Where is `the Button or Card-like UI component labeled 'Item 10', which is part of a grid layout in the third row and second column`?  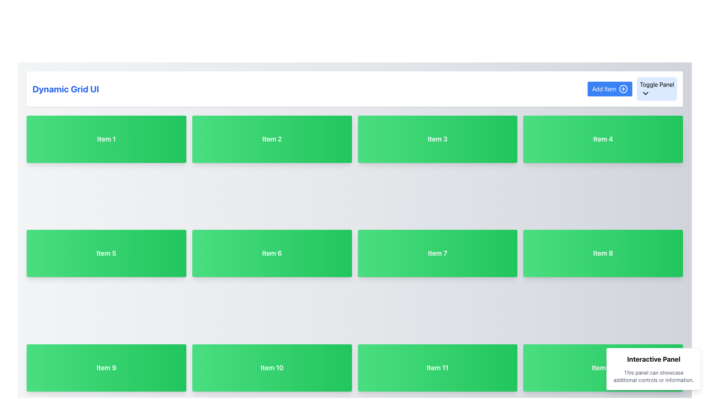
the Button or Card-like UI component labeled 'Item 10', which is part of a grid layout in the third row and second column is located at coordinates (271, 368).